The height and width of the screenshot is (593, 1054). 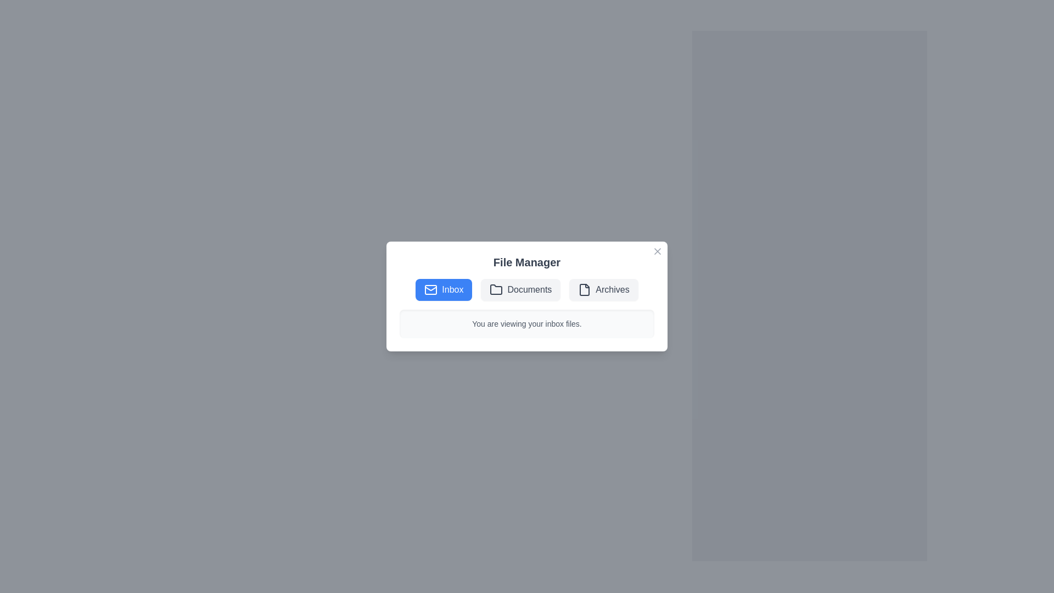 I want to click on the 'Archives' icon within the 'Archives' button in the 'File Manager' modal to switch to the archives section, so click(x=584, y=289).